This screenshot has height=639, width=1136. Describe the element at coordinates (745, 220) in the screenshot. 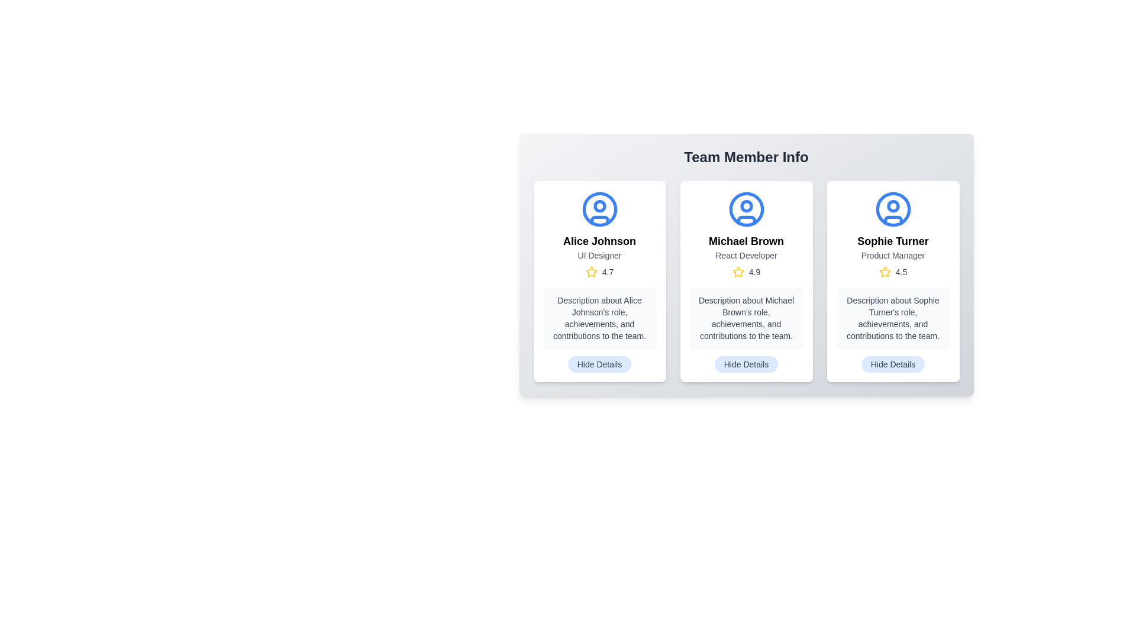

I see `the curved line at the bottom of the user profile icon in the 'Michael Brown' profile card, which is the middle card among three cards displayed` at that location.